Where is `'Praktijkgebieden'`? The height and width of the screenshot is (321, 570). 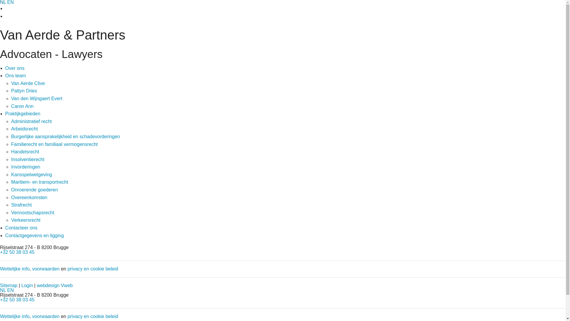 'Praktijkgebieden' is located at coordinates (23, 114).